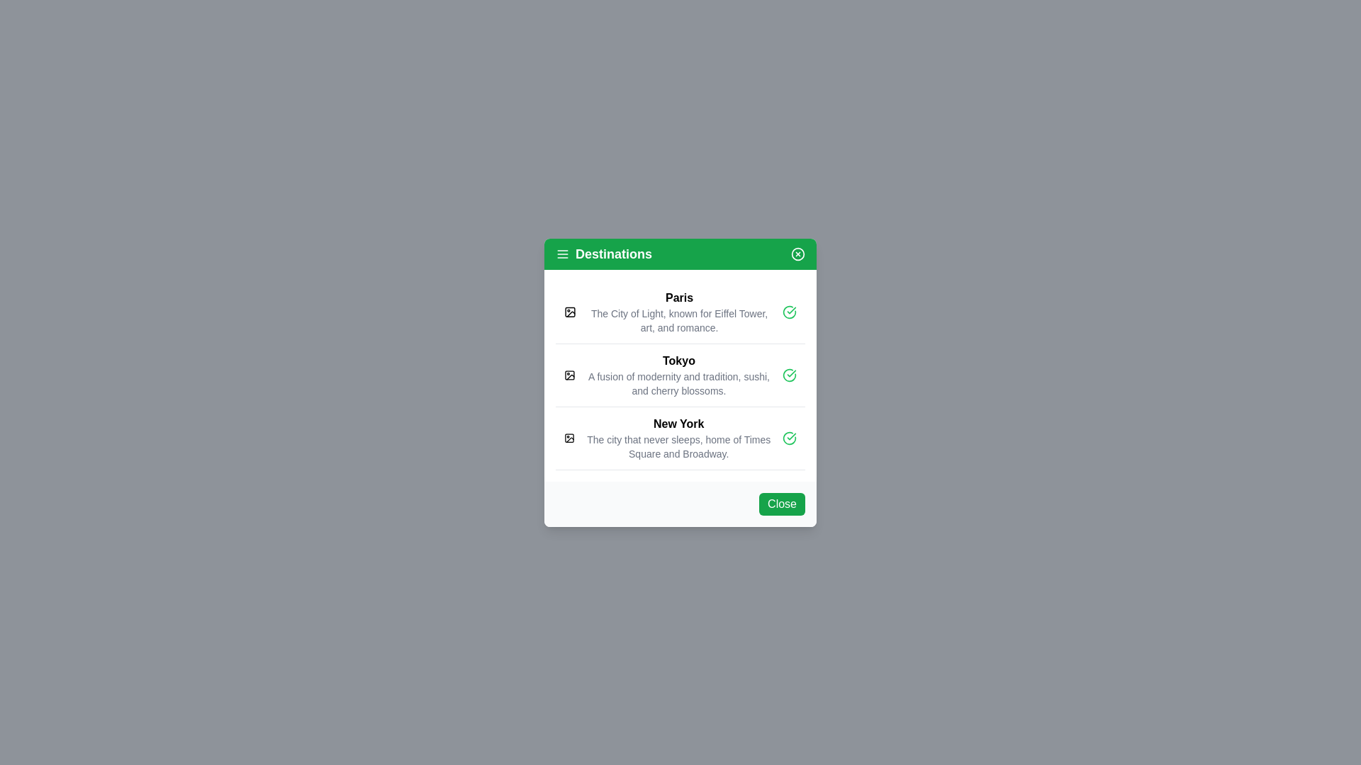  What do you see at coordinates (798, 253) in the screenshot?
I see `the circular 'X' icon button located at the top-right corner of the green header labeled 'Destinations'` at bounding box center [798, 253].